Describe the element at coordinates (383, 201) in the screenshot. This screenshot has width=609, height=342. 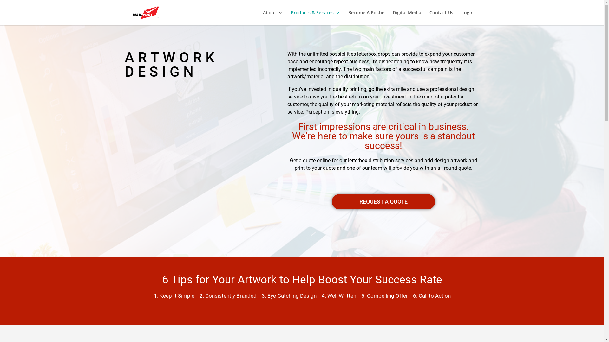
I see `'REQUEST A QUOTE'` at that location.